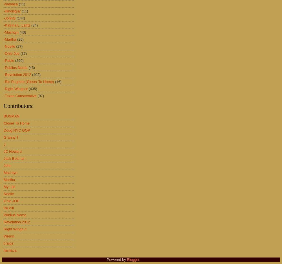  I want to click on 'Granny T', so click(11, 137).